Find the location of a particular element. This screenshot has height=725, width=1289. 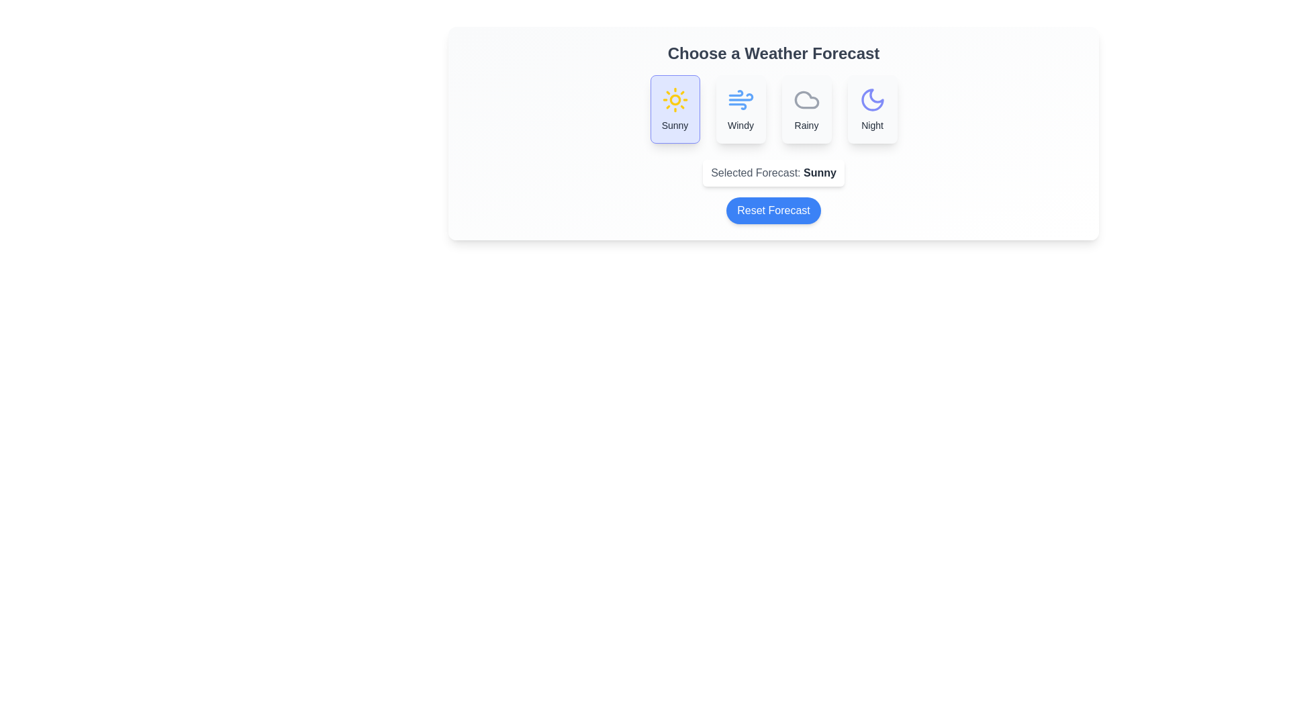

the forecast option Night by clicking on the corresponding button is located at coordinates (872, 108).